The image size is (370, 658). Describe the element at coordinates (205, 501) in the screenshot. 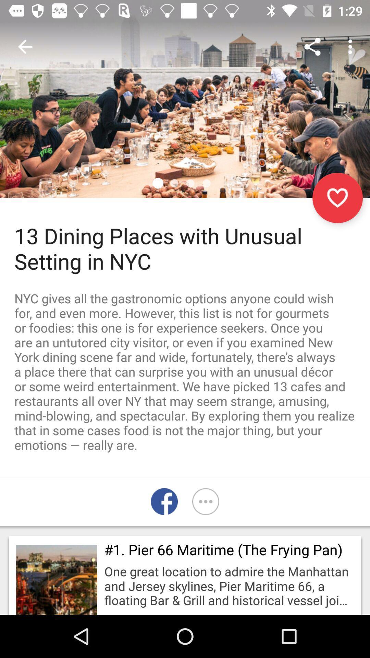

I see `more options` at that location.